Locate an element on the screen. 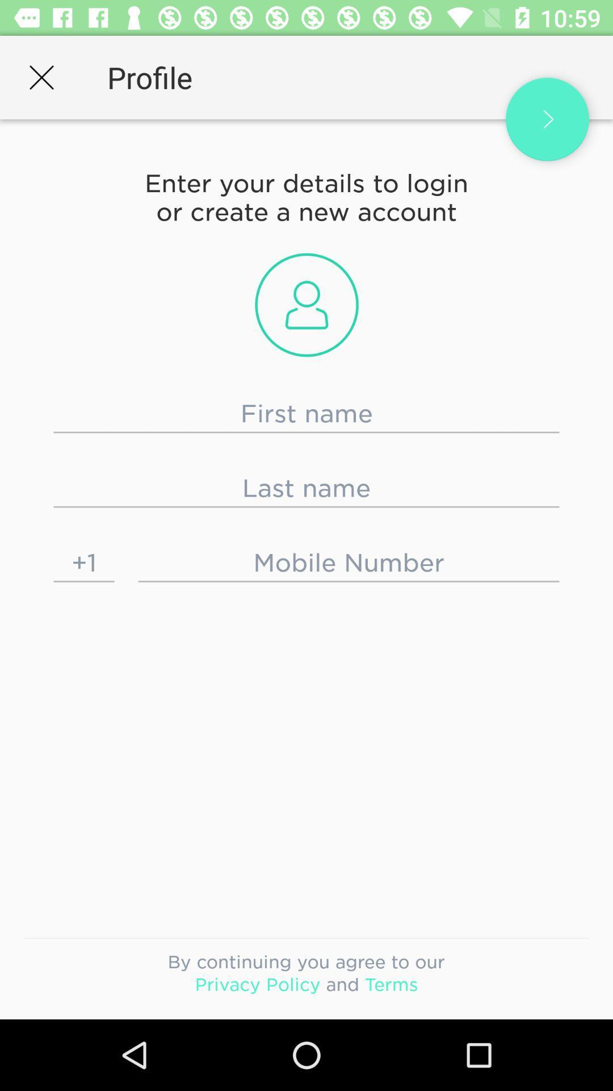 The image size is (613, 1091). area to input mobile number is located at coordinates (348, 563).